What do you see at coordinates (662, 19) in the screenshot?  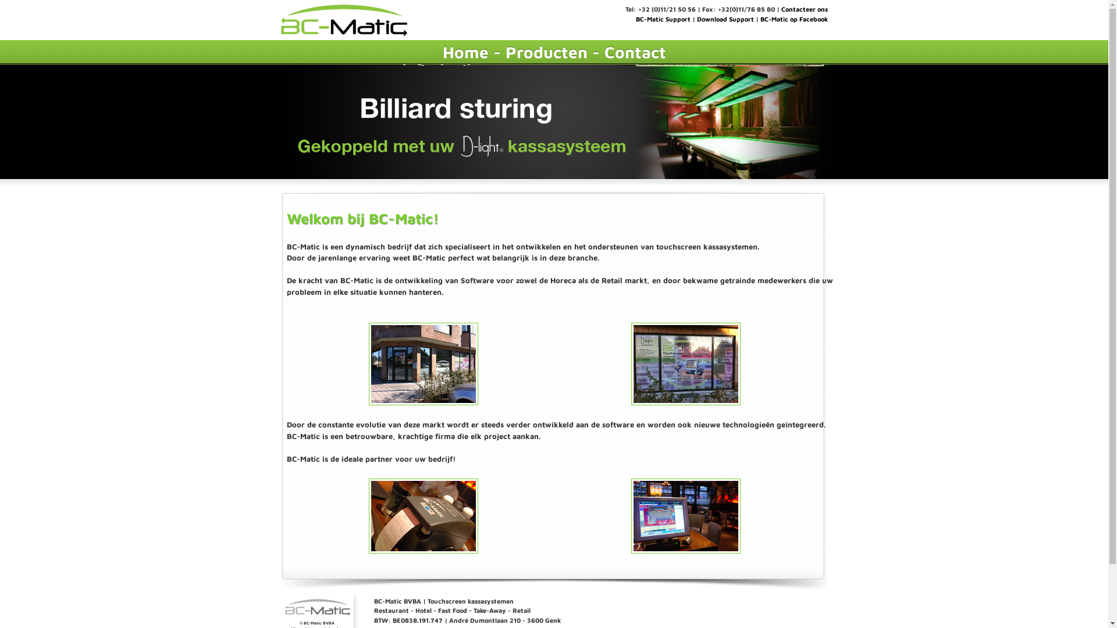 I see `'BC-Matic Support'` at bounding box center [662, 19].